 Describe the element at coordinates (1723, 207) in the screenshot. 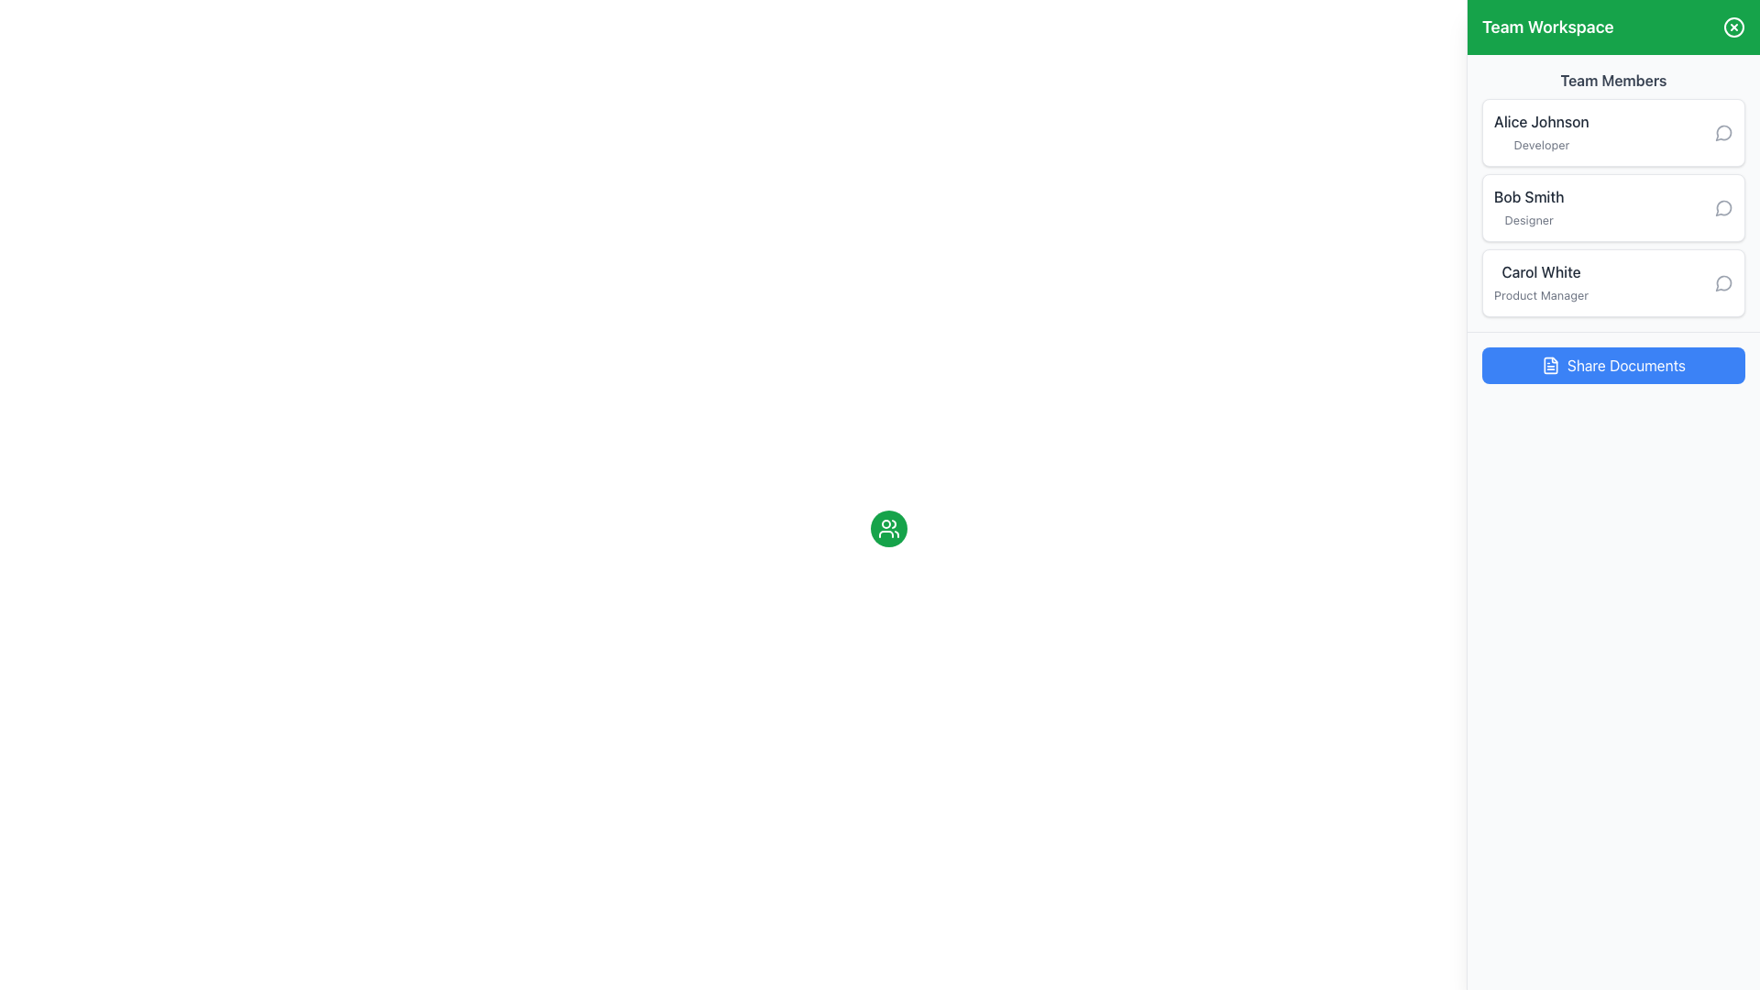

I see `the chat bubble icon, which is a small circular speech bubble styled in light gray, located in the card for 'Bob Smith'` at that location.